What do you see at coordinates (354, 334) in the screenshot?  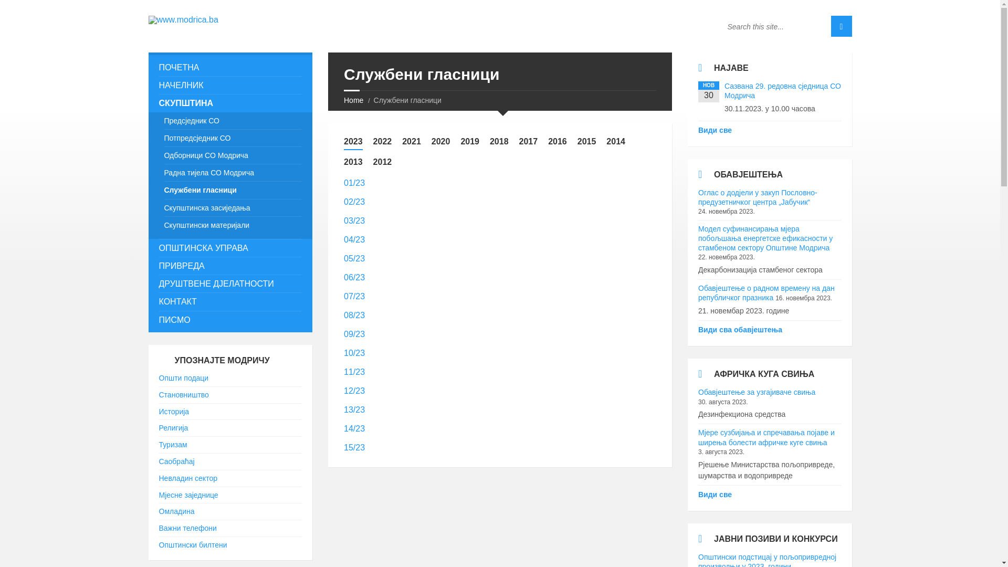 I see `'09/23'` at bounding box center [354, 334].